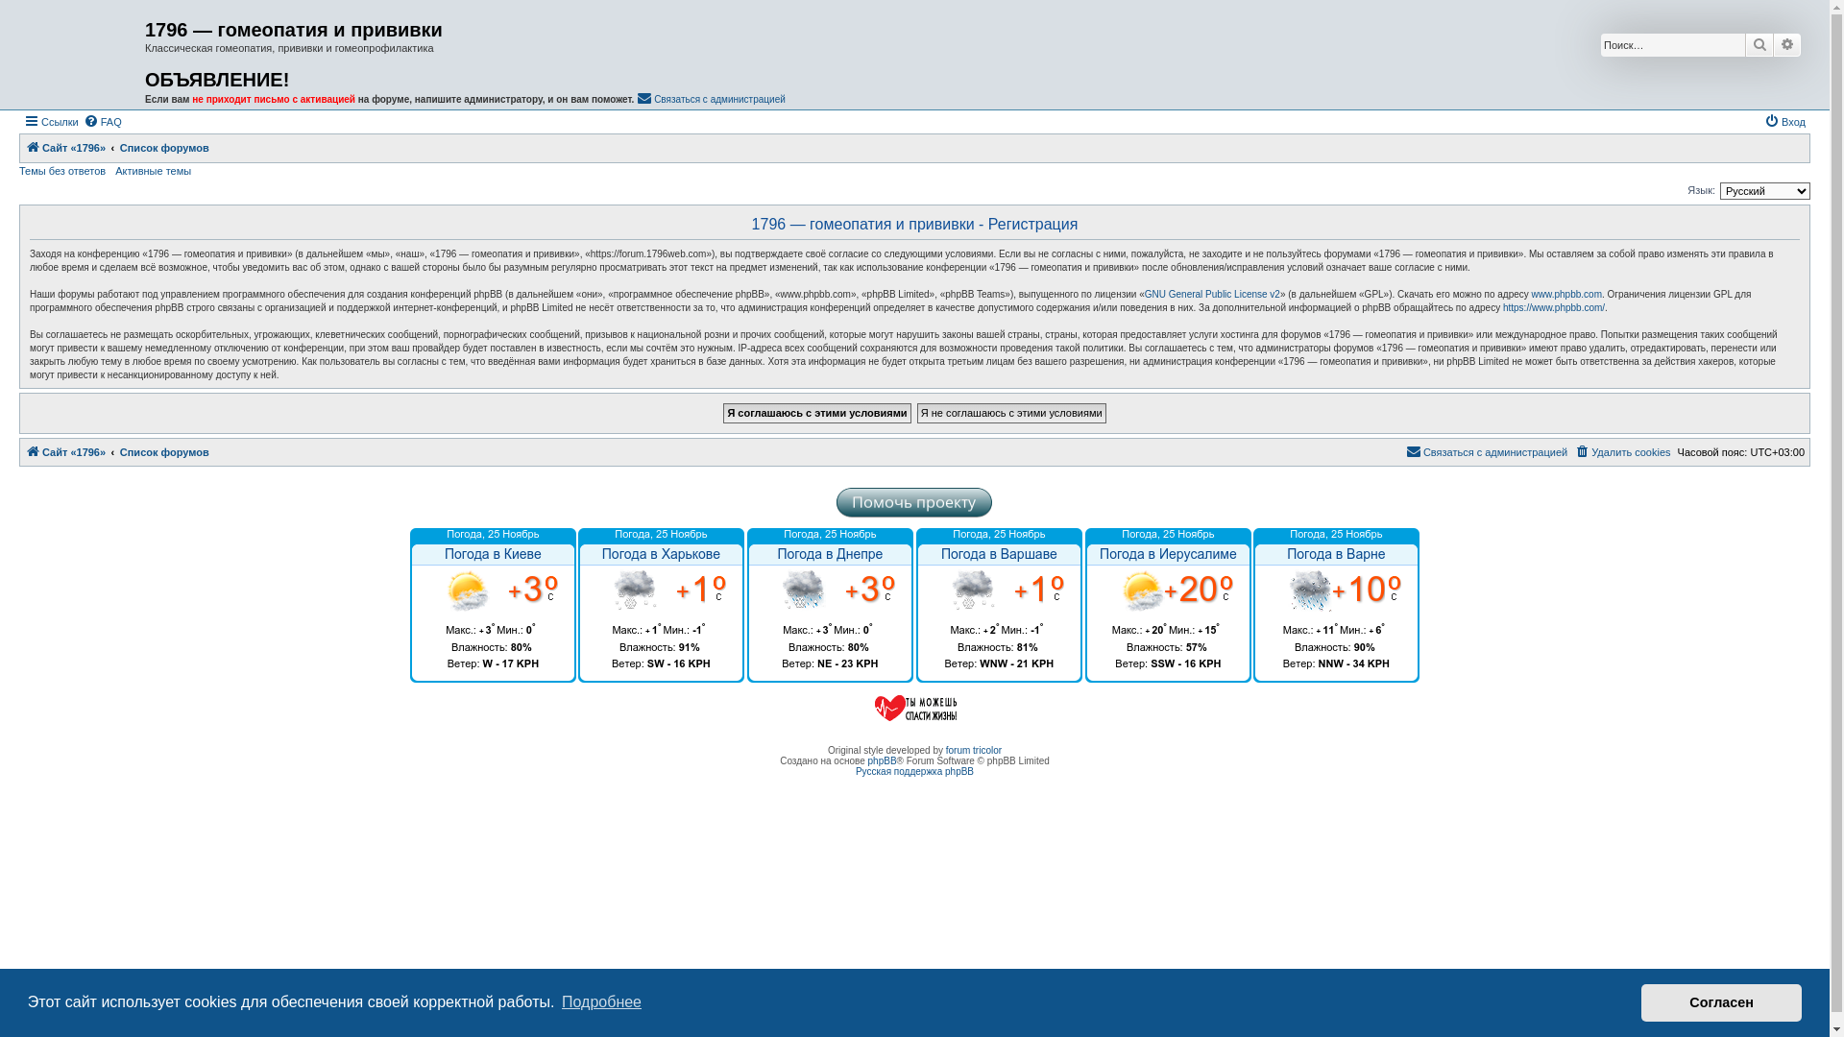 This screenshot has height=1037, width=1844. Describe the element at coordinates (881, 760) in the screenshot. I see `'phpBB'` at that location.